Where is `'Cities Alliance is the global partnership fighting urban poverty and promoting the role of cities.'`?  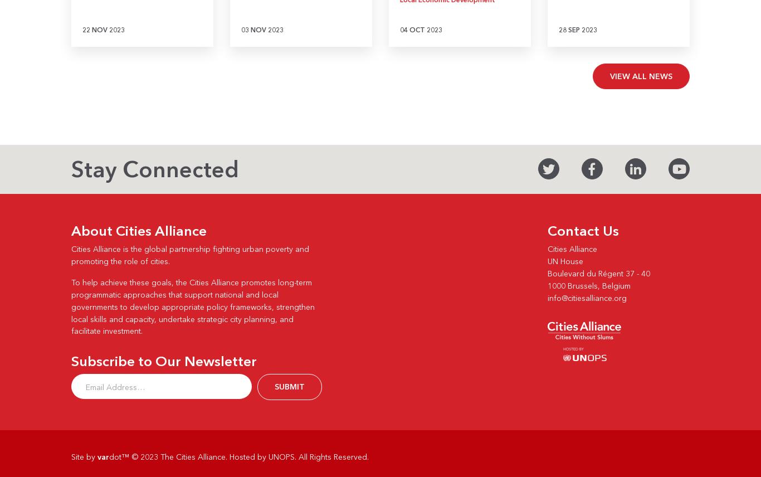 'Cities Alliance is the global partnership fighting urban poverty and promoting the role of cities.' is located at coordinates (190, 255).